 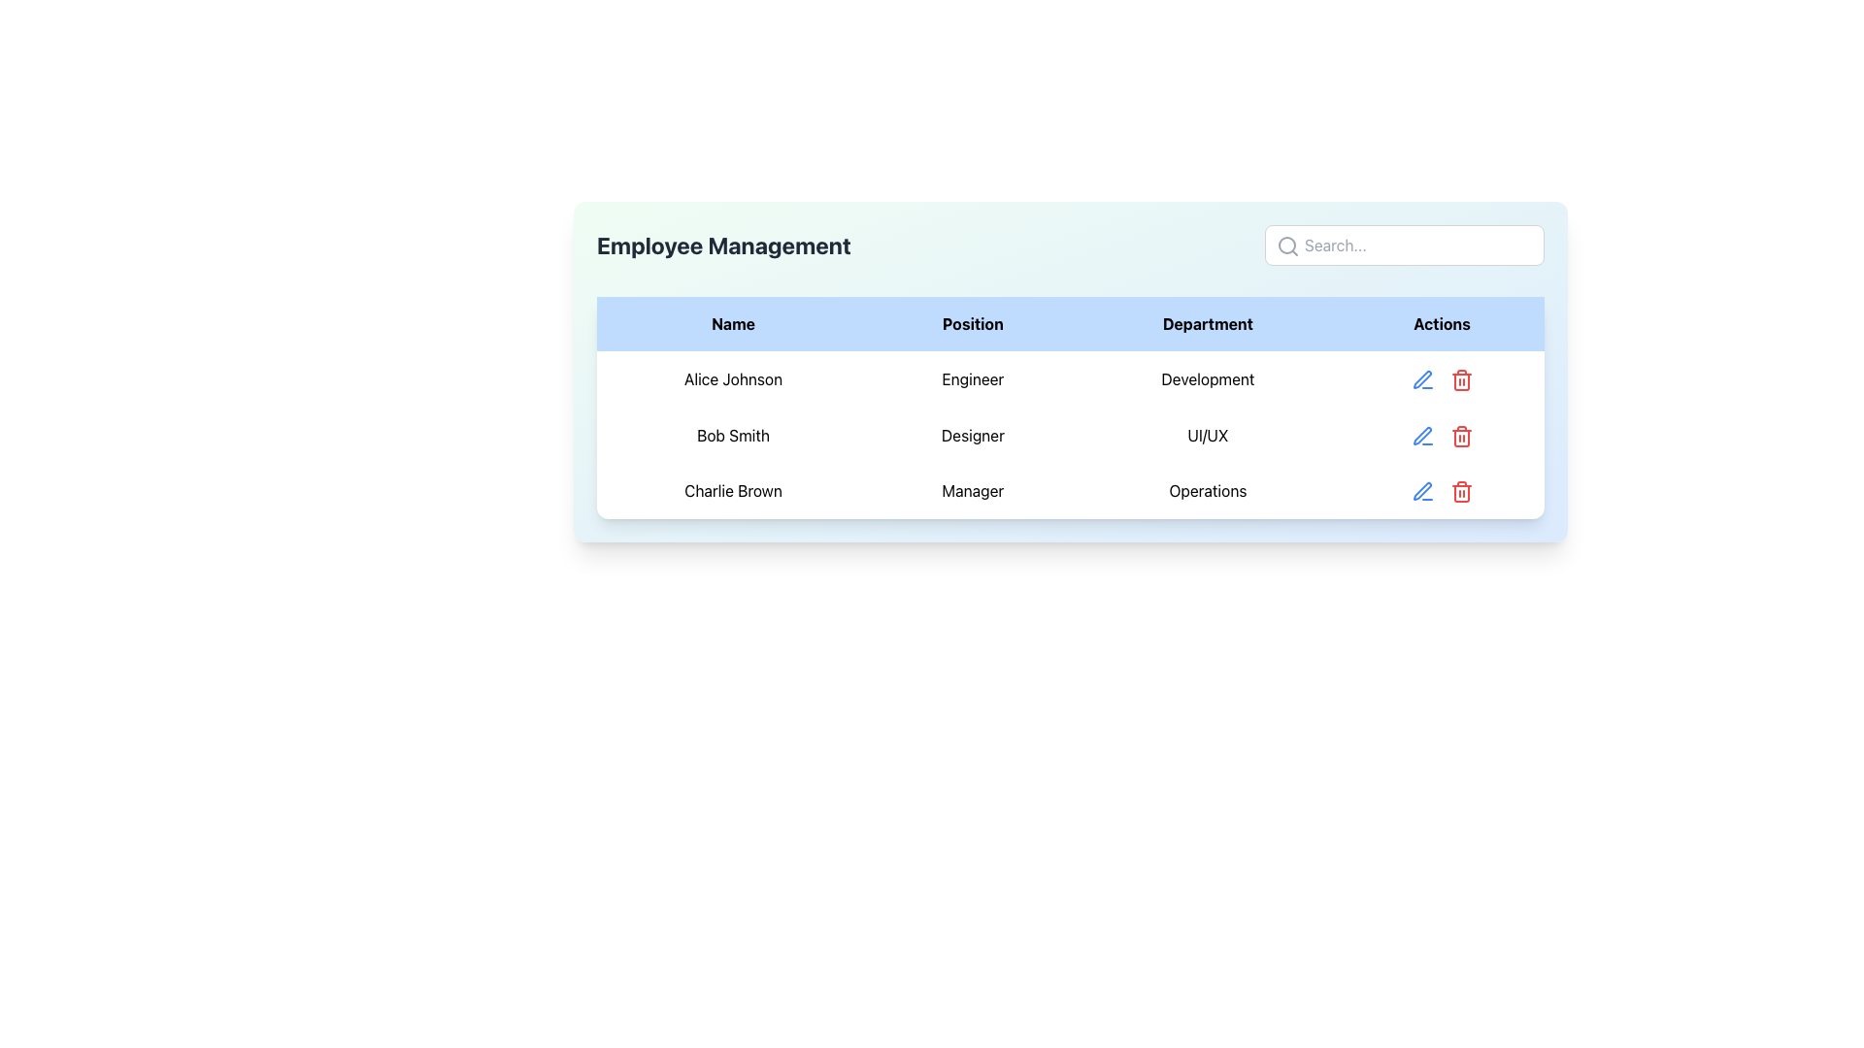 What do you see at coordinates (1461, 434) in the screenshot?
I see `the red trash bin icon button located in the 'Actions' column of the second row in the table` at bounding box center [1461, 434].